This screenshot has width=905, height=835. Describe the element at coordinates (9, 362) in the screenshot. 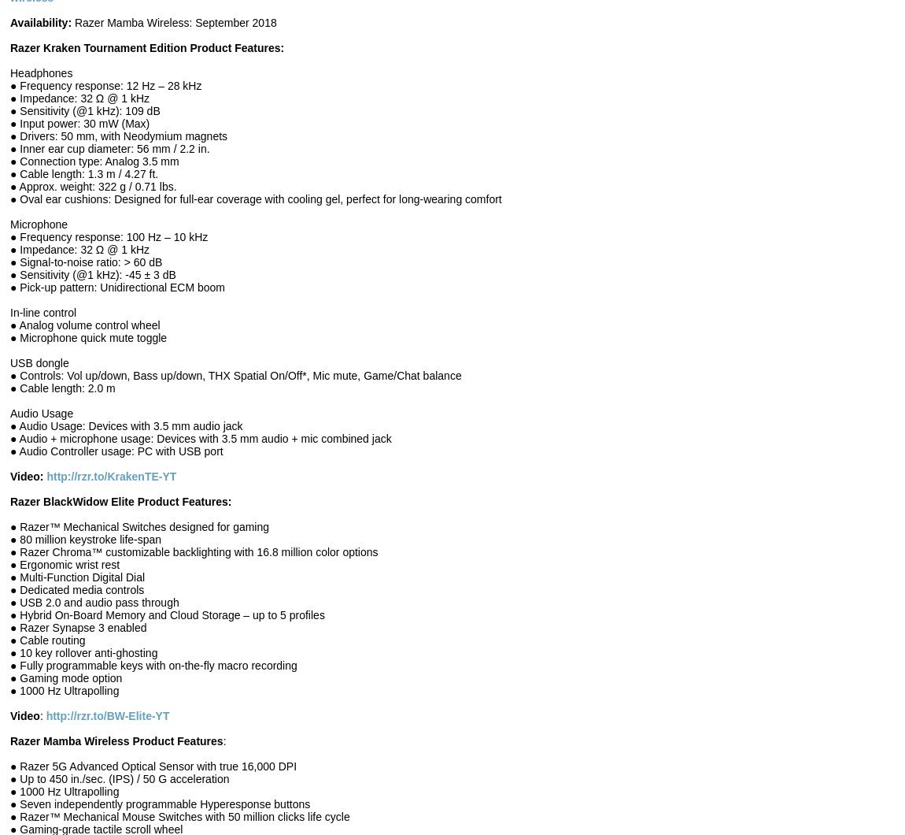

I see `'USB dongle'` at that location.